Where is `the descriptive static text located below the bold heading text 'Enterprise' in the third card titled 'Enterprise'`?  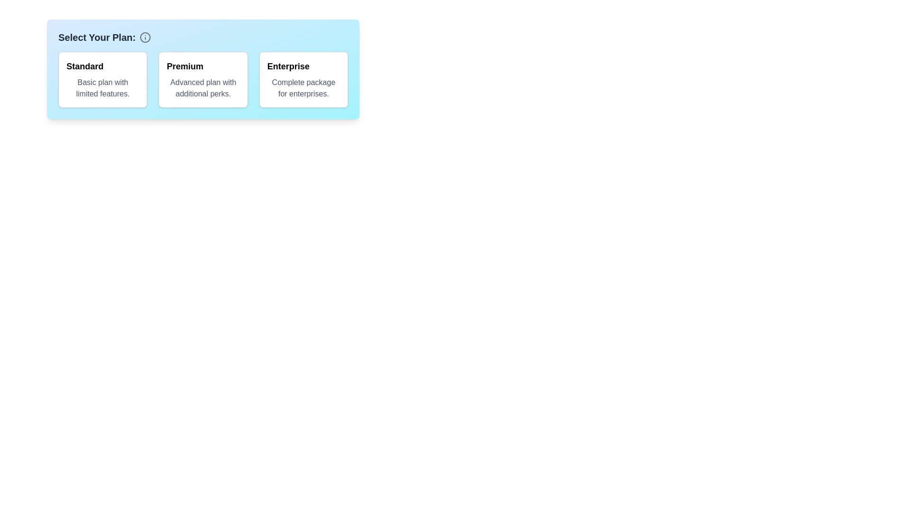
the descriptive static text located below the bold heading text 'Enterprise' in the third card titled 'Enterprise' is located at coordinates (303, 88).